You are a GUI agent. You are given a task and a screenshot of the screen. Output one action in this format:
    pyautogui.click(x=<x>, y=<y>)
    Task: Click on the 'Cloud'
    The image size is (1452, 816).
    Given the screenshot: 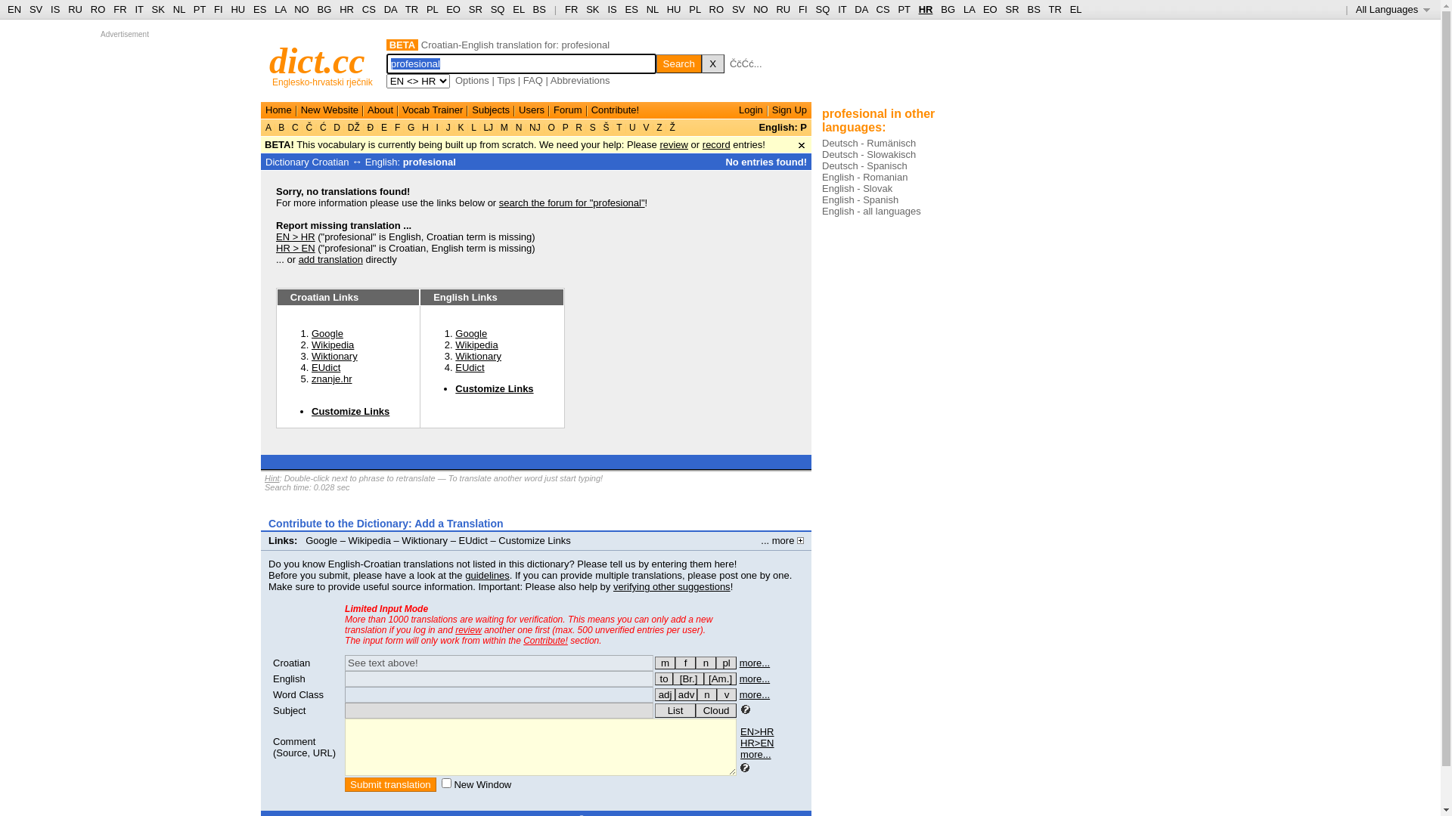 What is the action you would take?
    pyautogui.click(x=695, y=710)
    